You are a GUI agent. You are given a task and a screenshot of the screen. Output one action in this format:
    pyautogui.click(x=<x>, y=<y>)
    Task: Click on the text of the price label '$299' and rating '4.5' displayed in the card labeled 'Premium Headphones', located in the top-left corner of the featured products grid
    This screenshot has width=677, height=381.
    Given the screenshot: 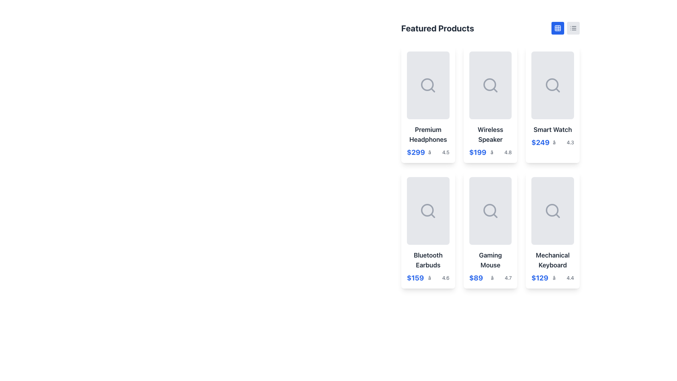 What is the action you would take?
    pyautogui.click(x=428, y=152)
    